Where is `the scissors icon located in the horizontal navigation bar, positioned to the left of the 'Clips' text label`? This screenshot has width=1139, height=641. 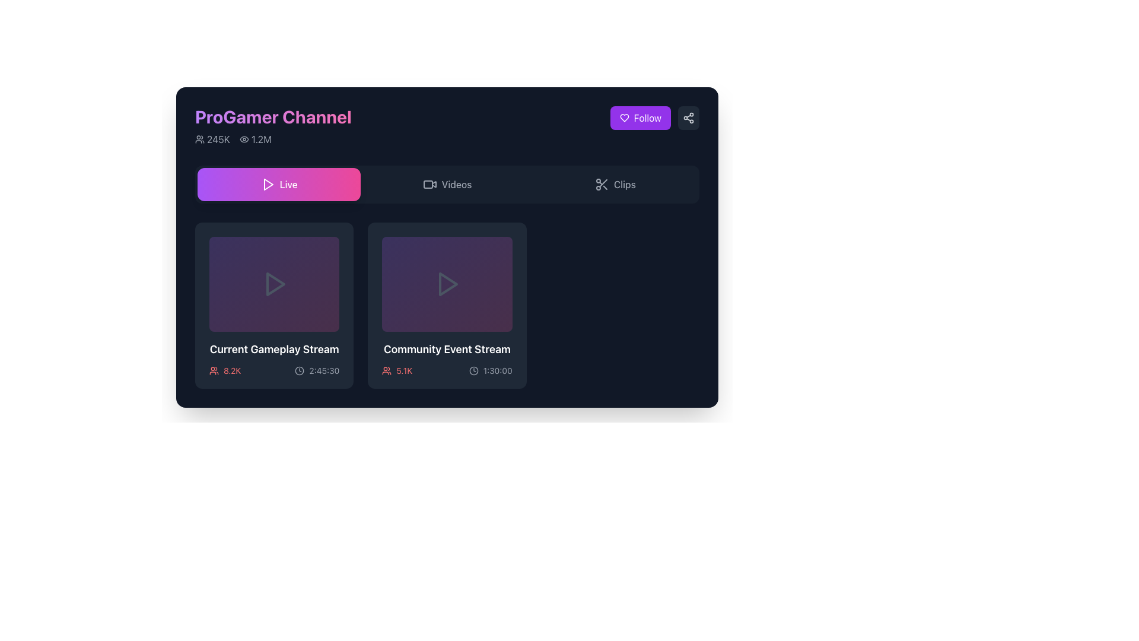
the scissors icon located in the horizontal navigation bar, positioned to the left of the 'Clips' text label is located at coordinates (602, 185).